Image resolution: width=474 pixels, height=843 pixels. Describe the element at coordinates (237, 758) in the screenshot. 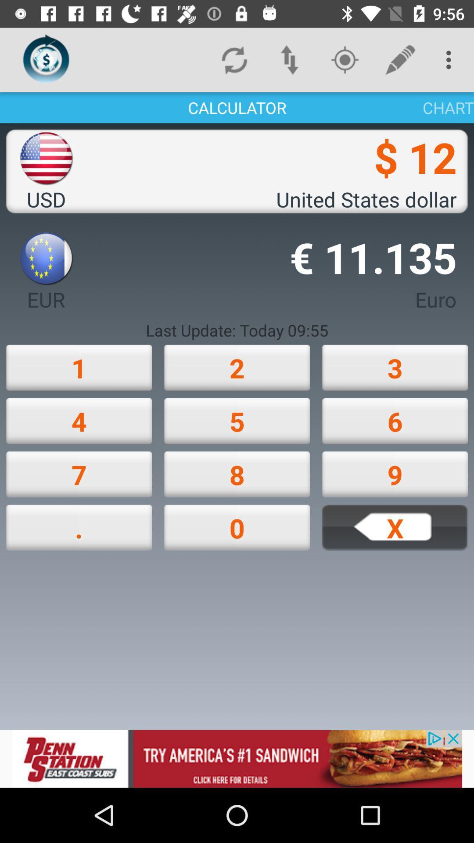

I see `its an advertisement` at that location.